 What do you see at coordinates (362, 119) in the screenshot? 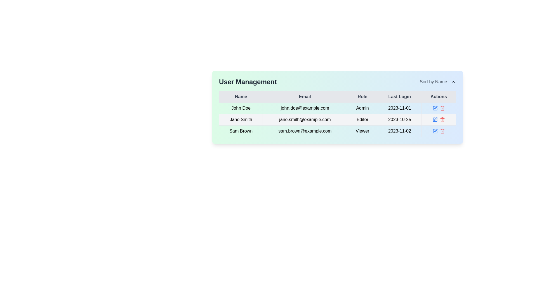
I see `the non-interactive text label displaying the role of the user 'Jane Smith' in the user management table, located in the third column of the second row` at bounding box center [362, 119].